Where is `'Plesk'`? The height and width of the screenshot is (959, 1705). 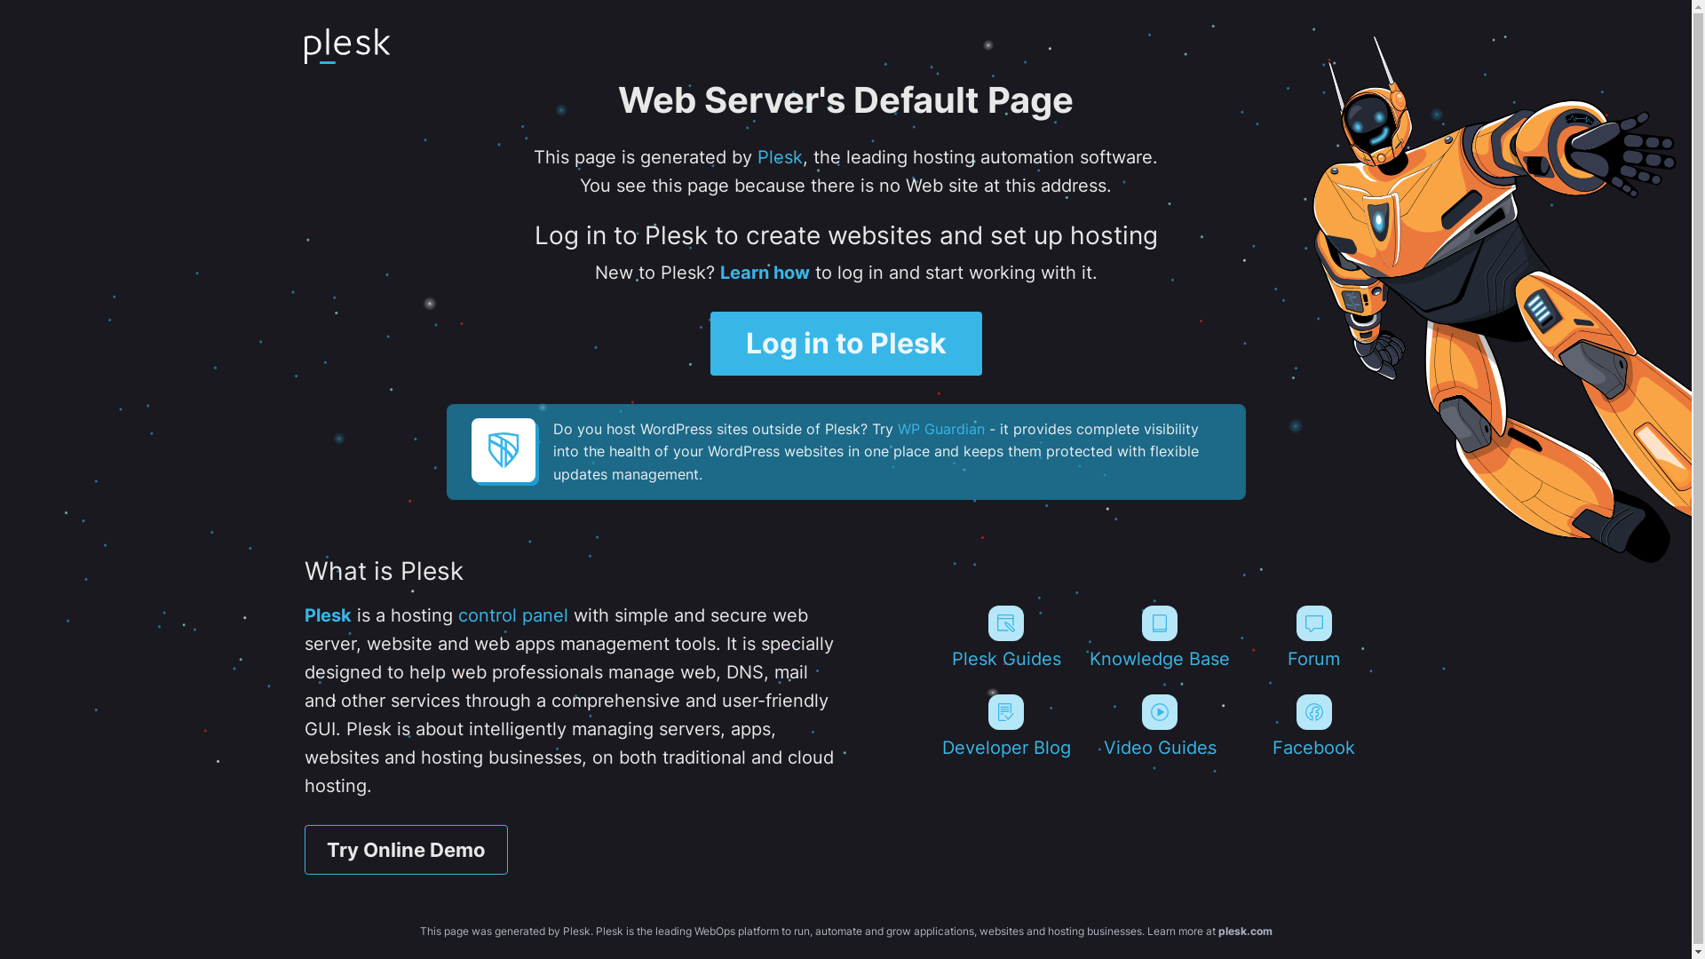
'Plesk' is located at coordinates (327, 614).